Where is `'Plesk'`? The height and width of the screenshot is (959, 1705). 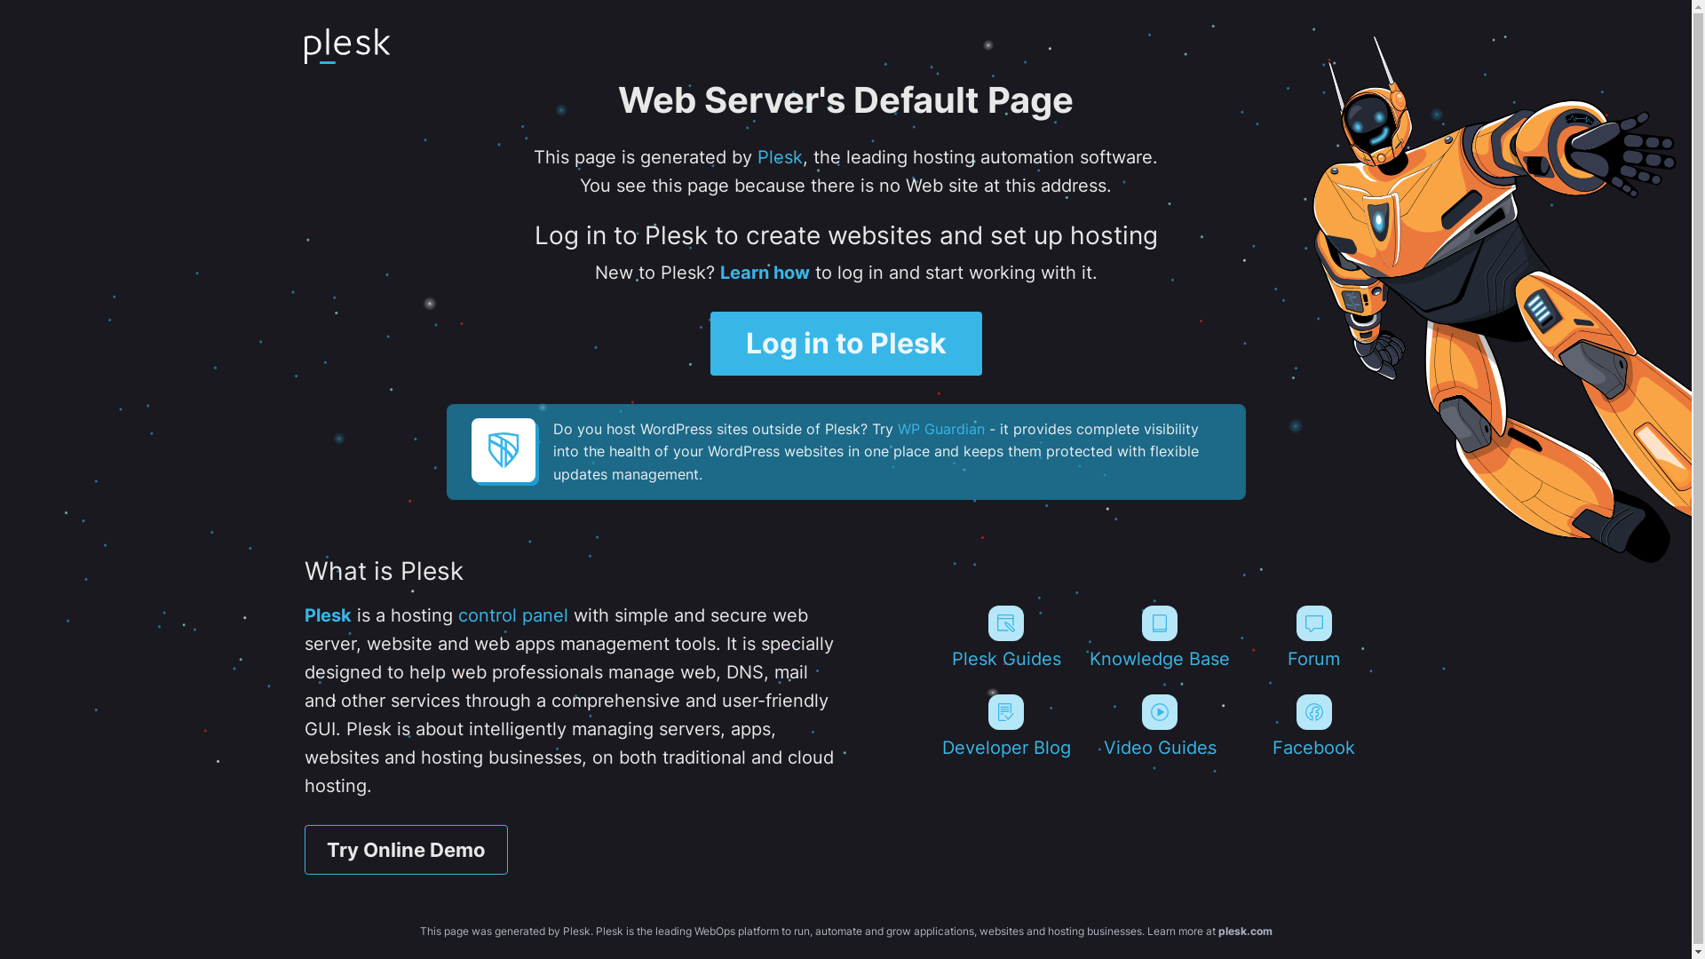
'Plesk' is located at coordinates (327, 614).